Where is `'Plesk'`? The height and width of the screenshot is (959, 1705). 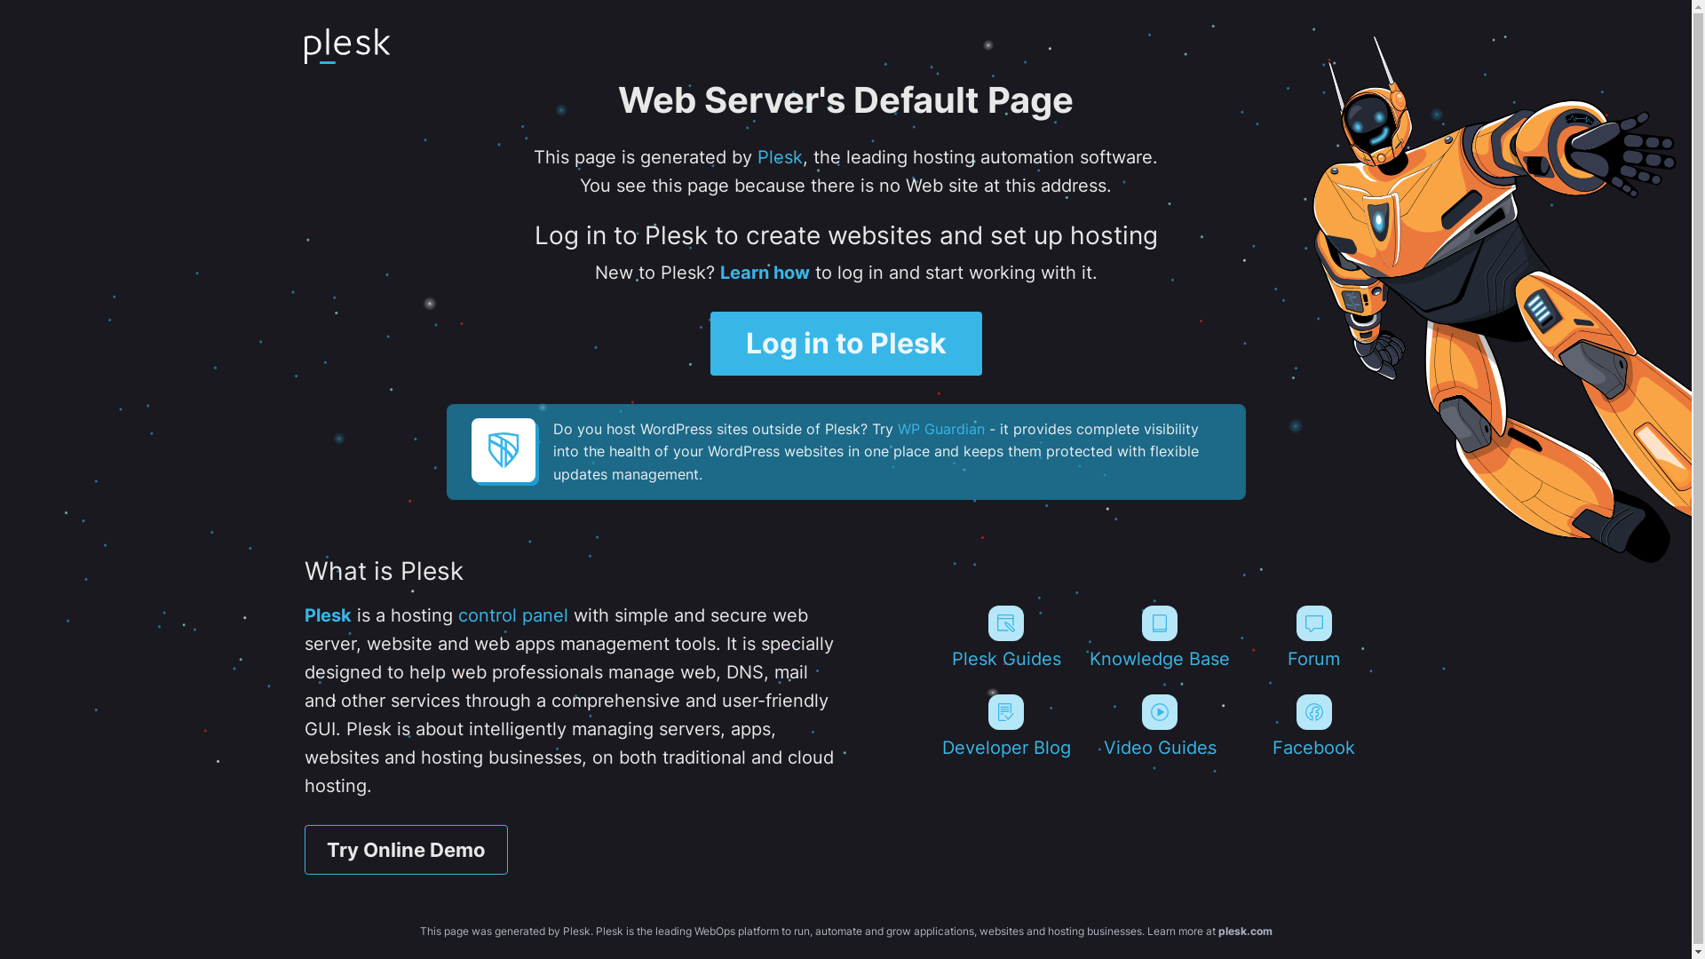
'Plesk' is located at coordinates (327, 614).